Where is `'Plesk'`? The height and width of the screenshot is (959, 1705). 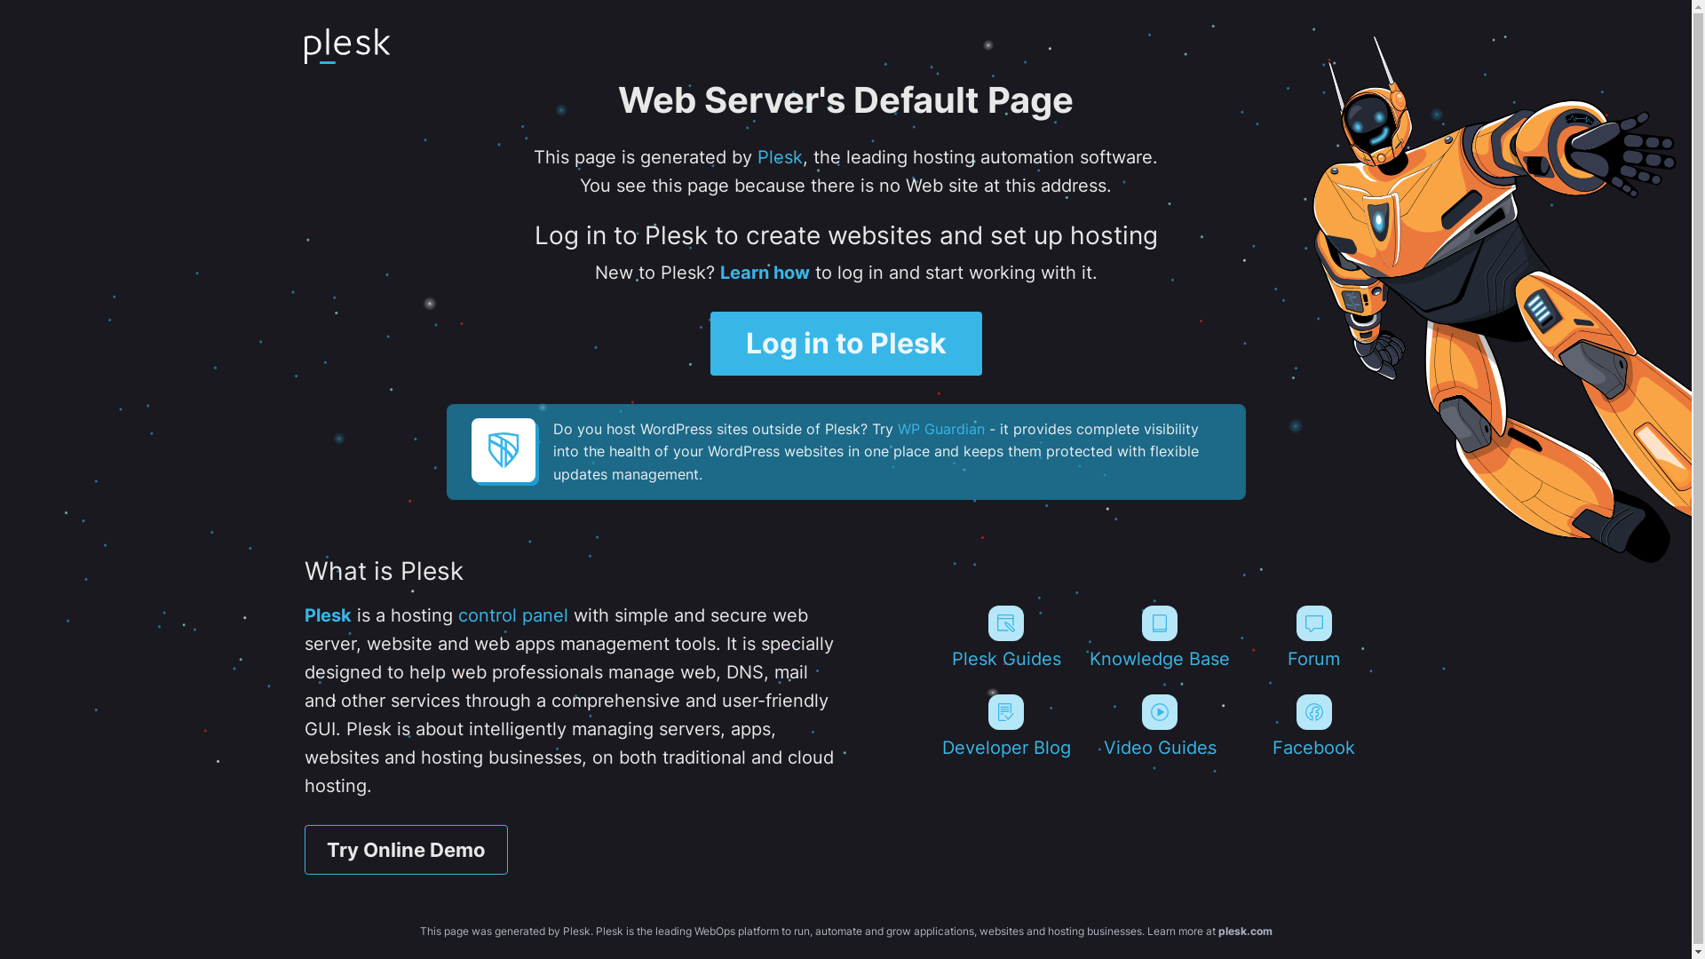
'Plesk' is located at coordinates (327, 614).